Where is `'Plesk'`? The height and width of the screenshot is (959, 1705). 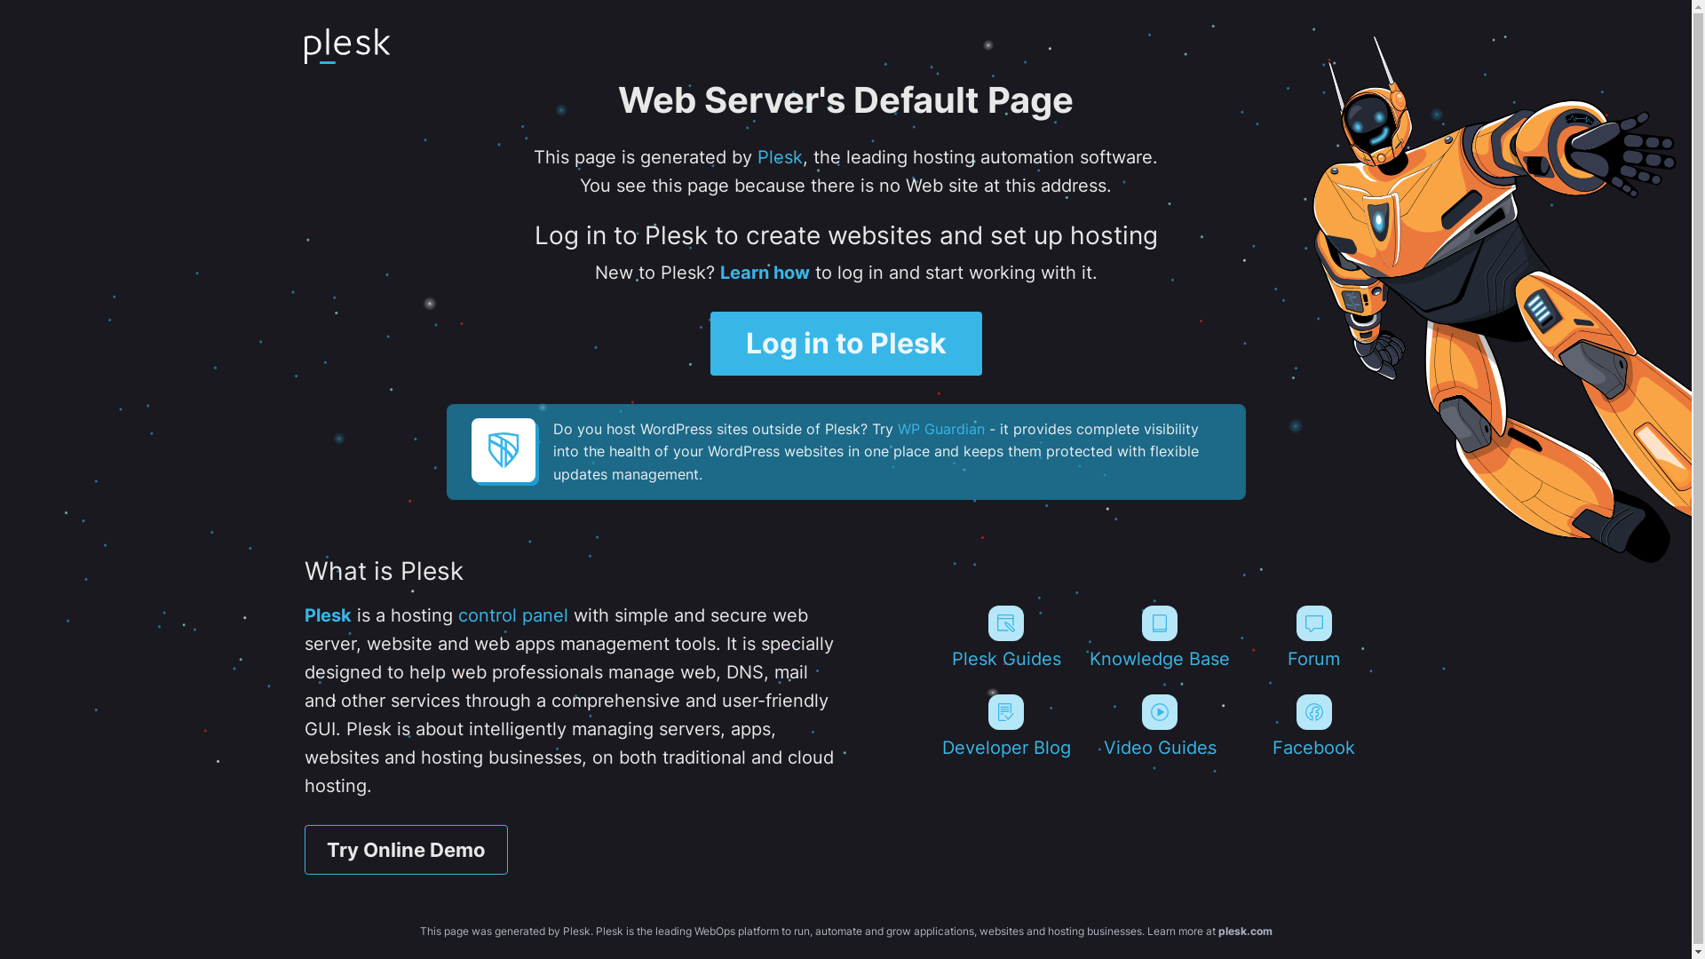
'Plesk' is located at coordinates (327, 614).